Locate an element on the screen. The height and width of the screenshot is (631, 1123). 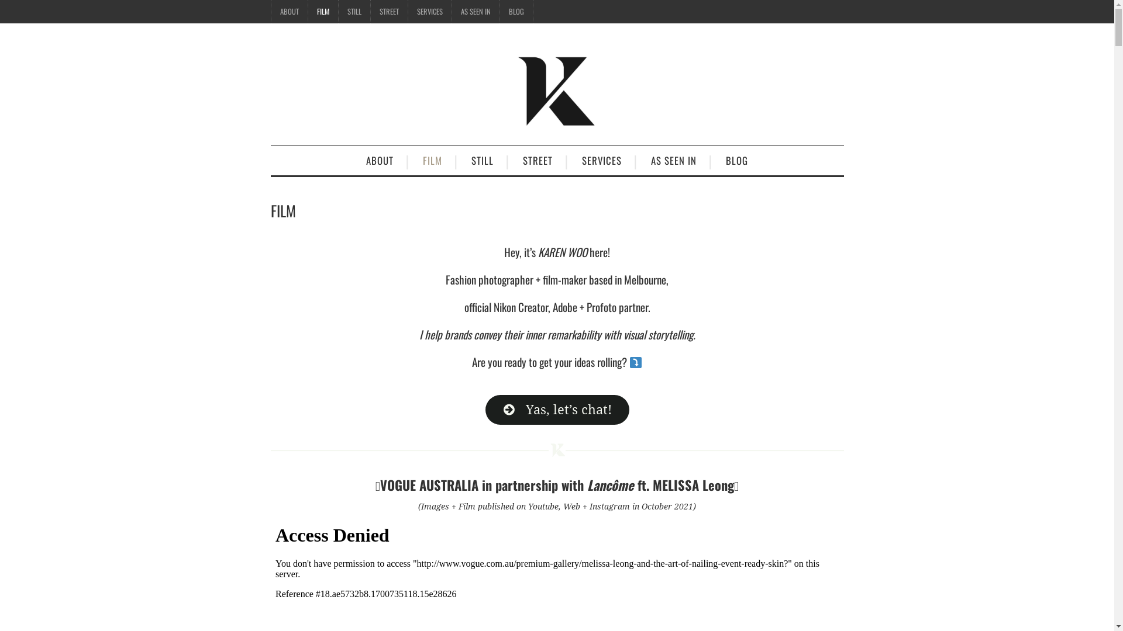
'FILM' is located at coordinates (322, 11).